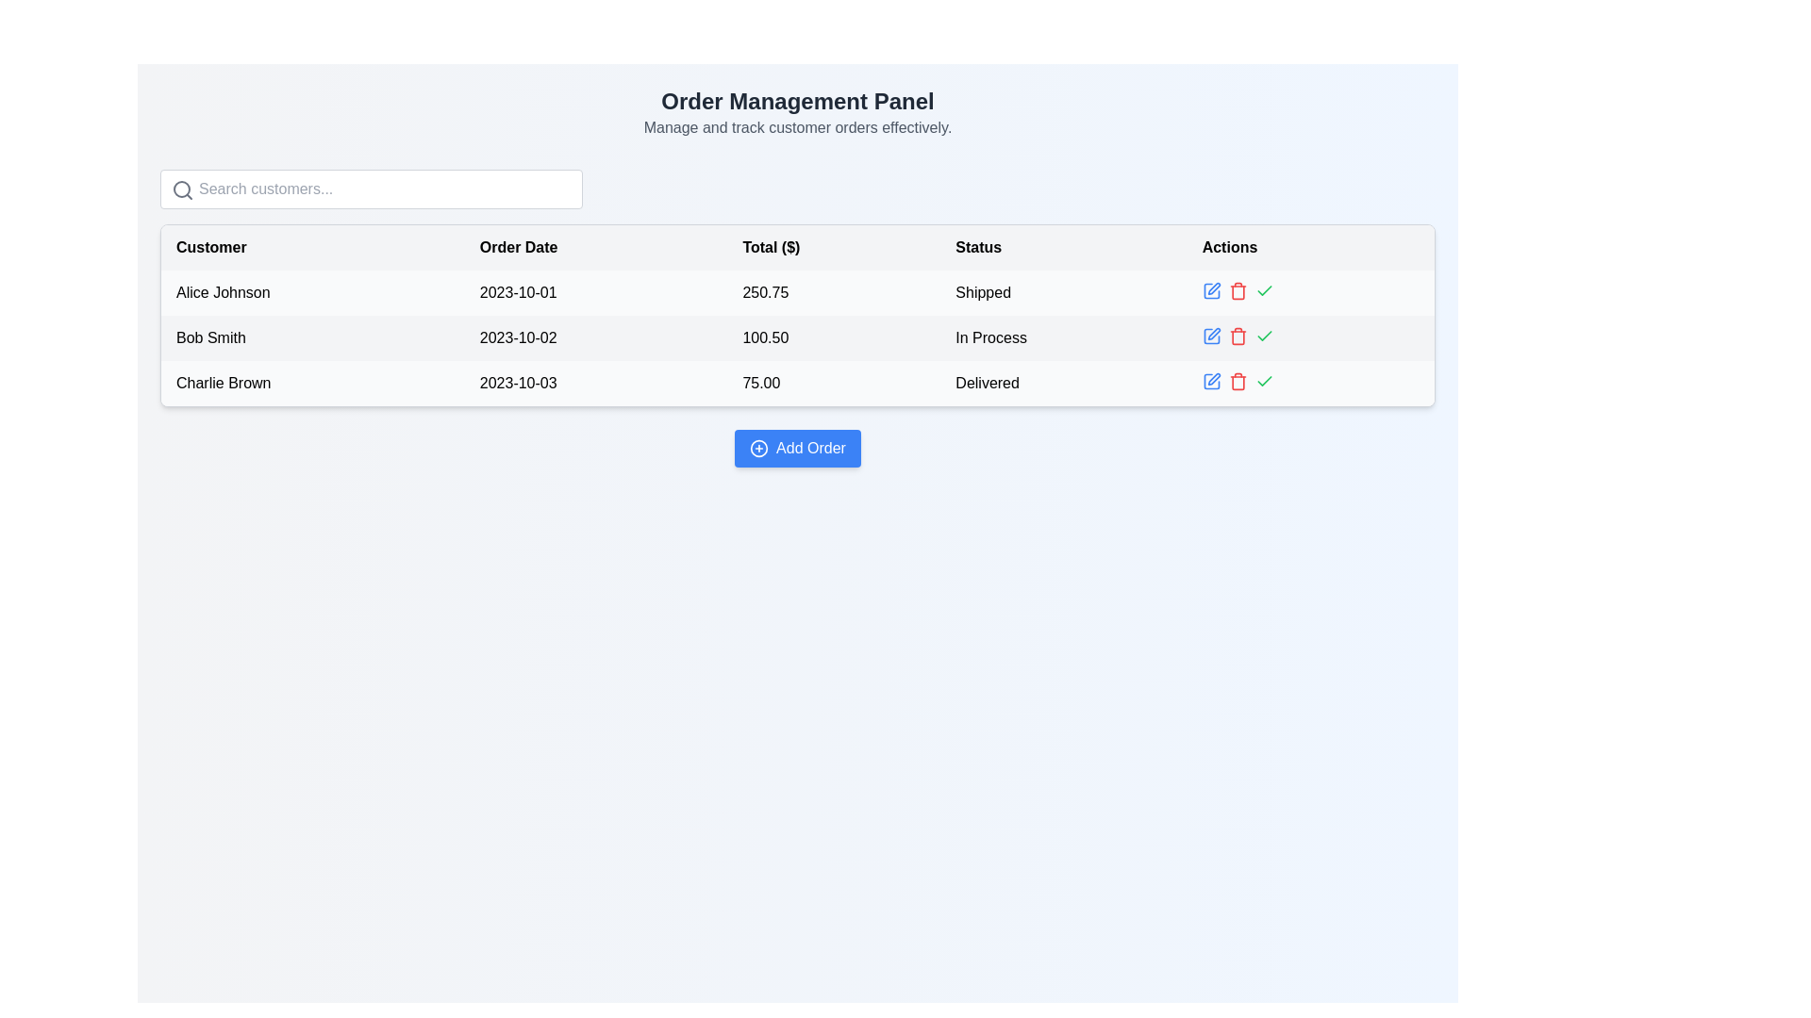 The width and height of the screenshot is (1811, 1018). I want to click on the Header component that provides the title and subtitle for the page, located at the top of the layout and centered horizontally, so click(797, 112).